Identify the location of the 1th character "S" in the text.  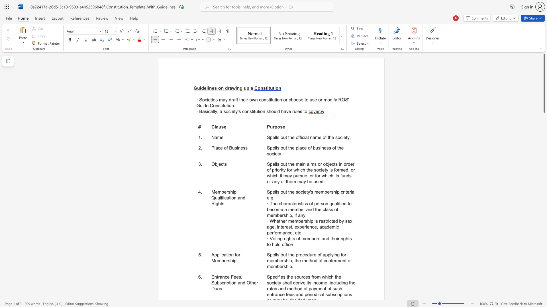
(268, 137).